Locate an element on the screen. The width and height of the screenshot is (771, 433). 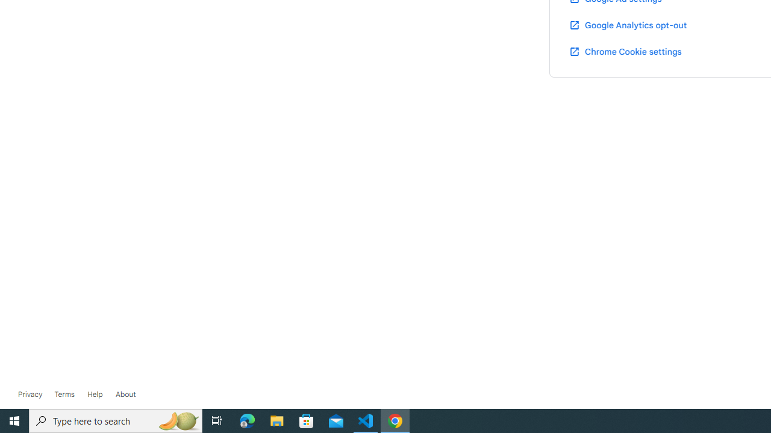
'Google Analytics opt-out' is located at coordinates (626, 25).